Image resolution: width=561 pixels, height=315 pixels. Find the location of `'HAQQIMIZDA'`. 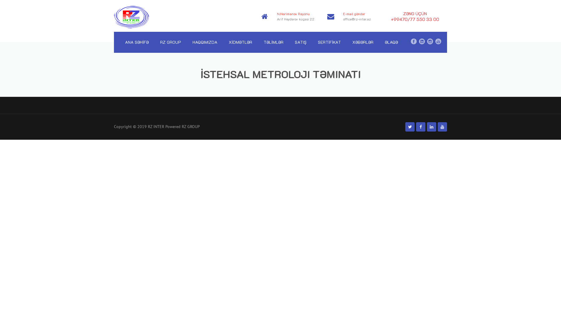

'HAQQIMIZDA' is located at coordinates (205, 42).